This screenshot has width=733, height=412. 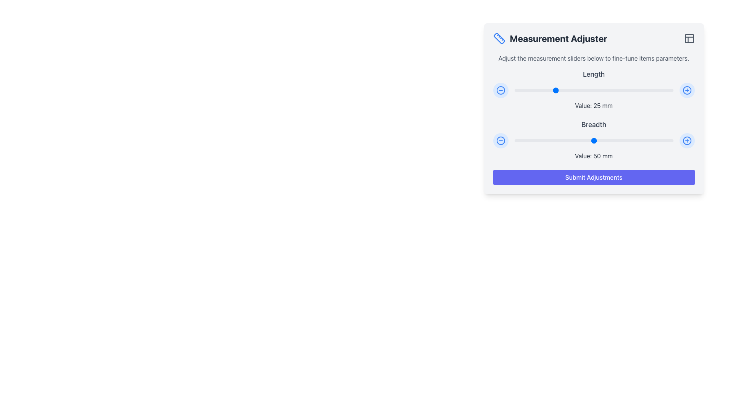 What do you see at coordinates (668, 90) in the screenshot?
I see `the length adjustment slider` at bounding box center [668, 90].